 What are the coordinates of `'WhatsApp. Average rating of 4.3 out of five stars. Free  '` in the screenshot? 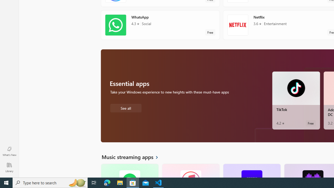 It's located at (160, 25).